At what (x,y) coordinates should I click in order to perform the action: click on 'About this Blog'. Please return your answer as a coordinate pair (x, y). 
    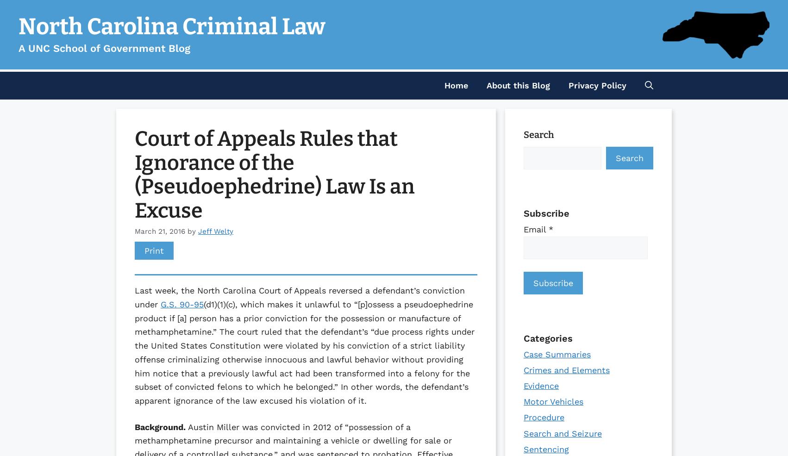
    Looking at the image, I should click on (518, 85).